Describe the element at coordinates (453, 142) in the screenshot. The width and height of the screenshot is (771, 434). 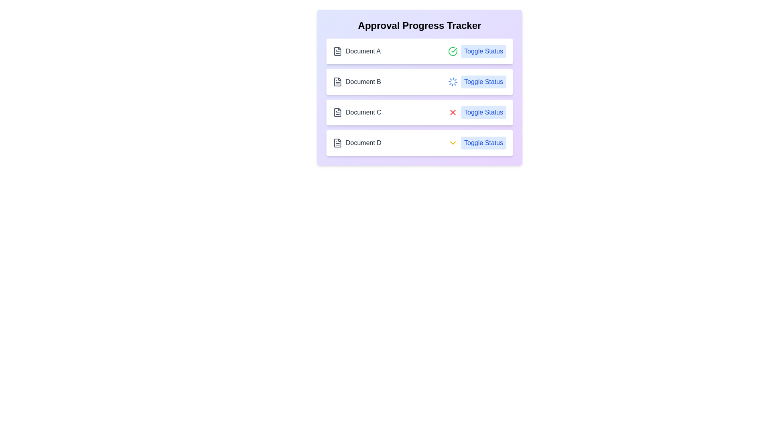
I see `the downward-chevron icon that indicates additional options related to the 'Toggle Status' button for 'Document D' to possibly reveal a tooltip` at that location.